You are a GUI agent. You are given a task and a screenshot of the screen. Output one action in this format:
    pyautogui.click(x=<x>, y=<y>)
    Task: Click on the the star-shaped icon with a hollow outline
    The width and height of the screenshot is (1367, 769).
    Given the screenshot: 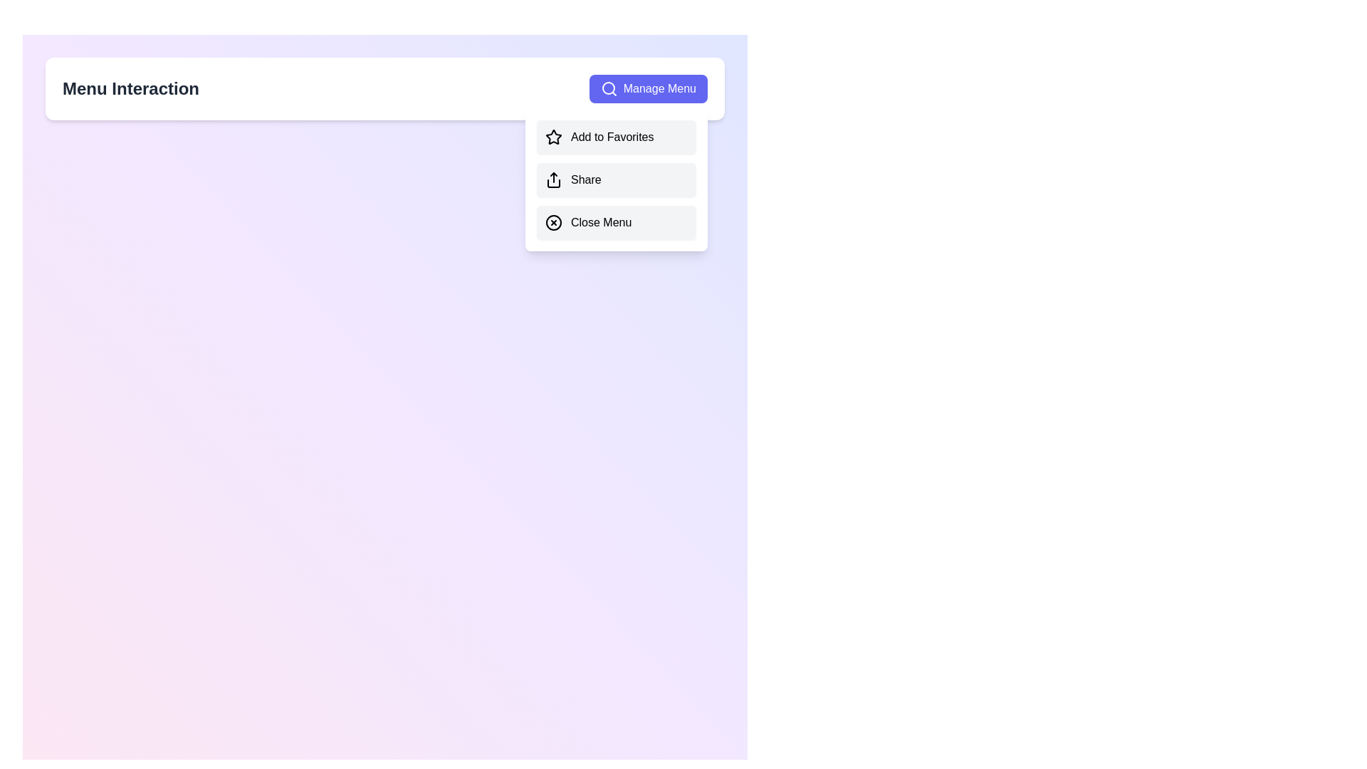 What is the action you would take?
    pyautogui.click(x=552, y=137)
    